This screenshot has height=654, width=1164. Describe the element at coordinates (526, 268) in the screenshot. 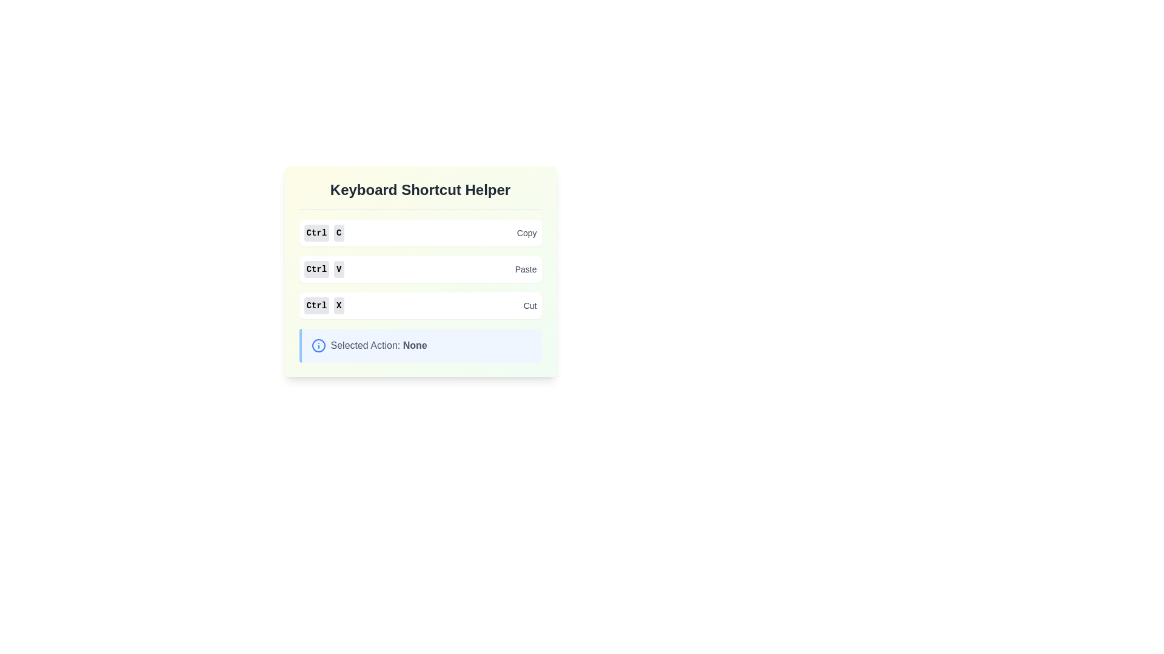

I see `the 'Paste' label, which indicates the action associated with the shortcut keys 'Ctrl' and 'V', positioned in the middle row of the 'Keyboard Shortcut Helper' module` at that location.